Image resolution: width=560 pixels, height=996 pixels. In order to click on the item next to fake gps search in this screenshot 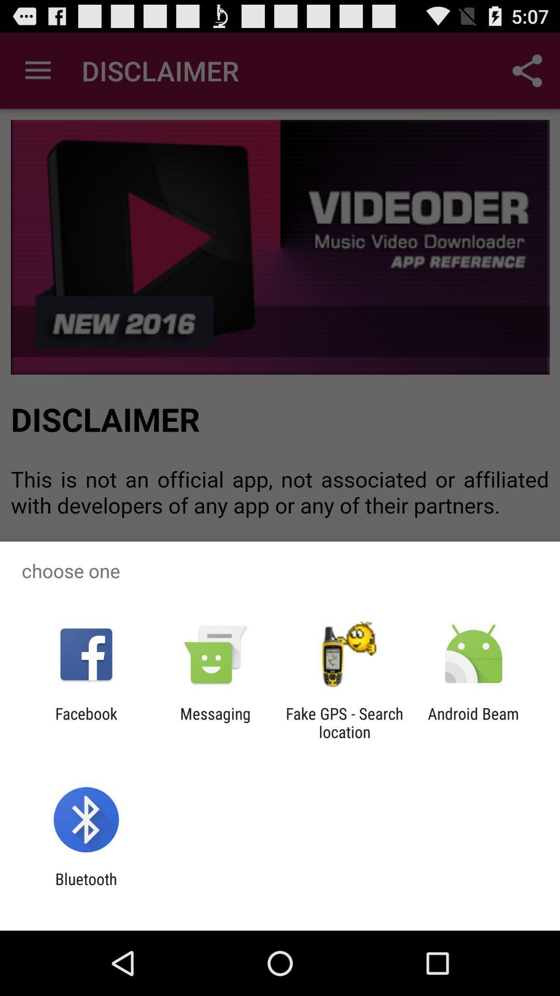, I will do `click(215, 722)`.